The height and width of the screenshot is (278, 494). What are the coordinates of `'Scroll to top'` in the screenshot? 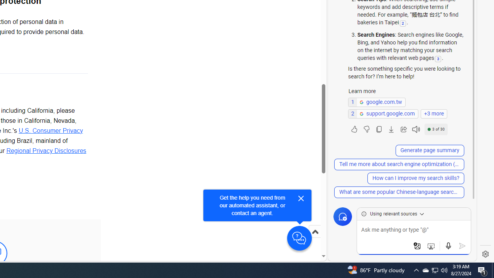 It's located at (315, 231).